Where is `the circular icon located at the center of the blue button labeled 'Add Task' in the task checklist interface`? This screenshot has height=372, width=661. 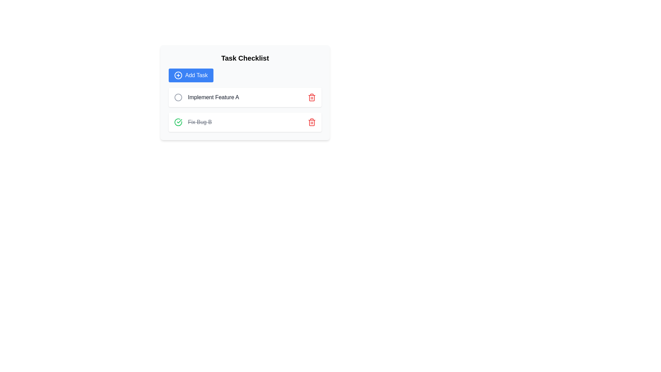 the circular icon located at the center of the blue button labeled 'Add Task' in the task checklist interface is located at coordinates (178, 75).